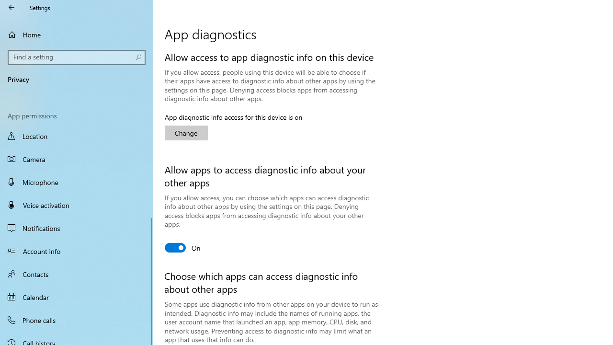 The image size is (613, 345). What do you see at coordinates (77, 57) in the screenshot?
I see `'Search box, Find a setting'` at bounding box center [77, 57].